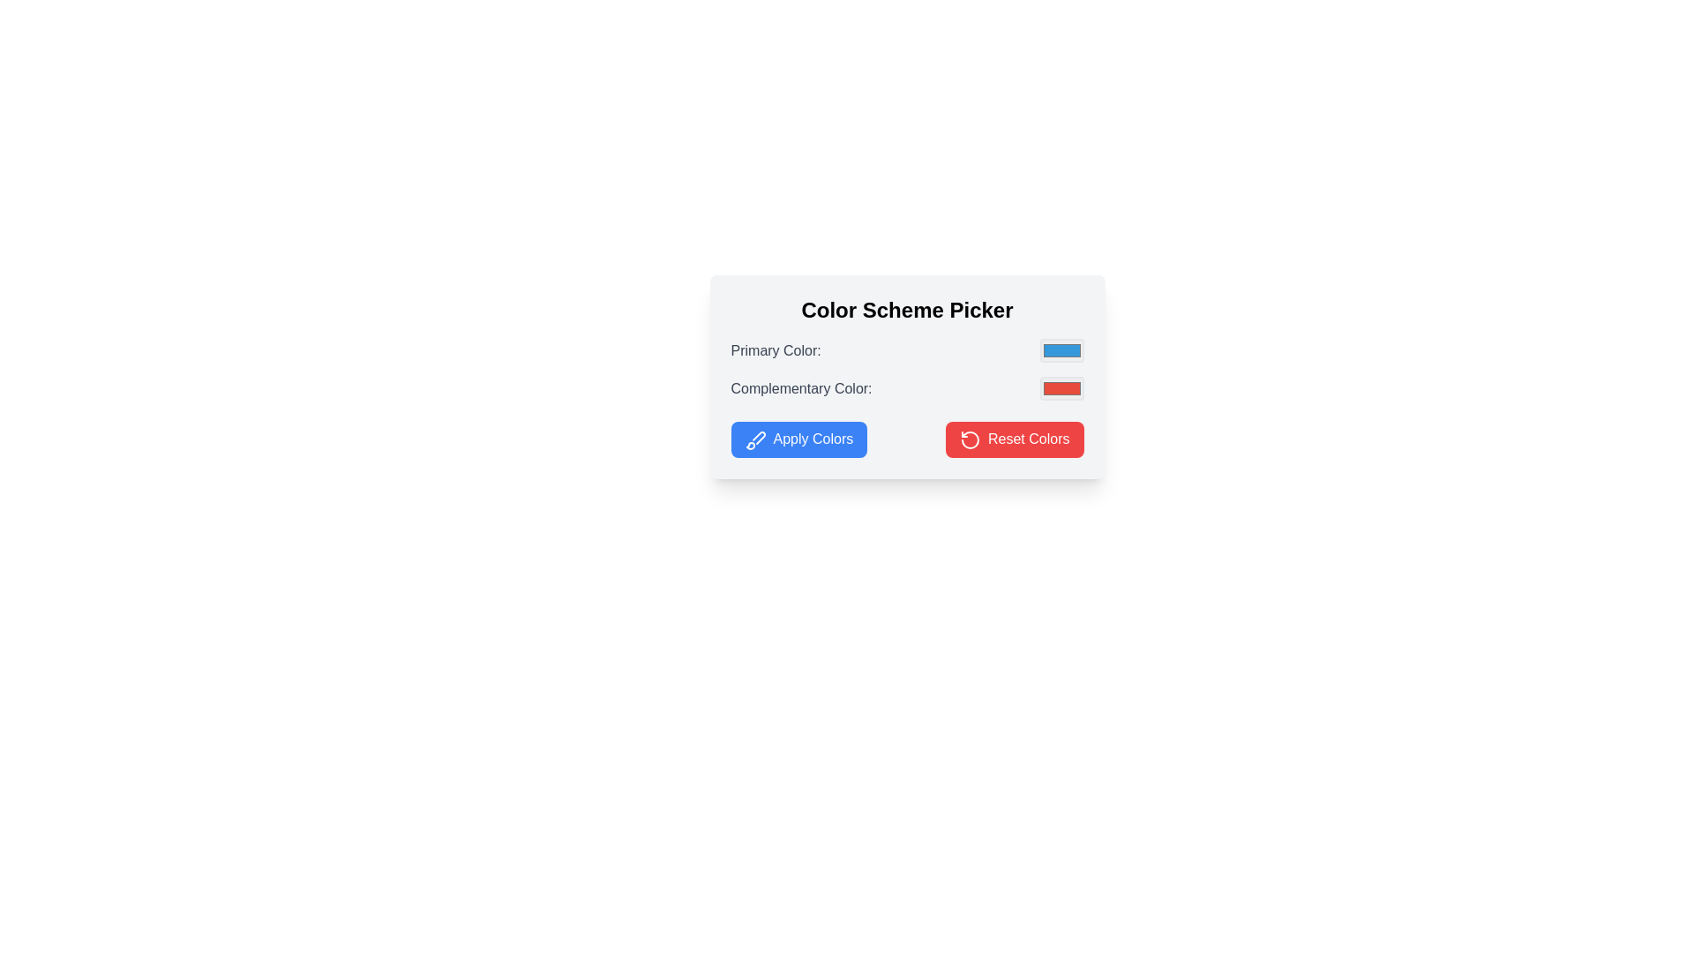 Image resolution: width=1694 pixels, height=953 pixels. What do you see at coordinates (907, 376) in the screenshot?
I see `the 'Color Scheme Picker' panel` at bounding box center [907, 376].